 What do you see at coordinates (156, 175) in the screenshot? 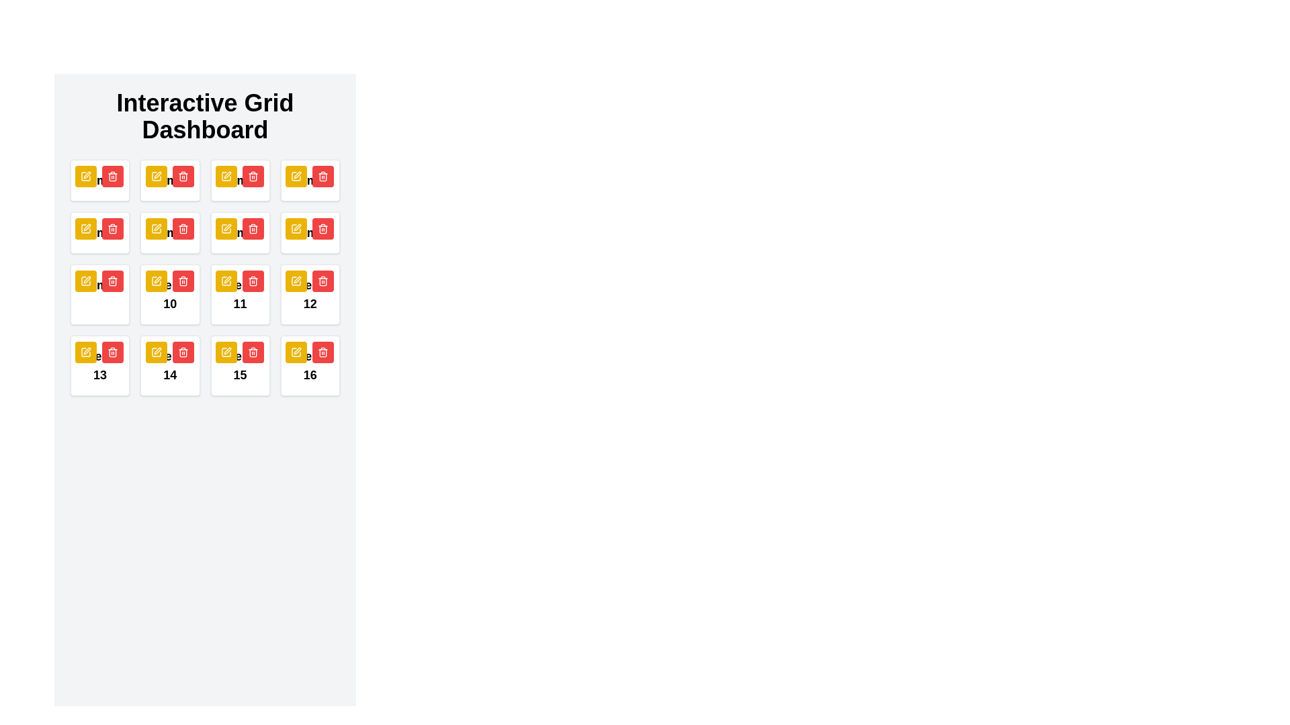
I see `the square icon with a stylized, partially erased bottom right corner located in the top-left corner of the interactive grid, within the first card of the interface` at bounding box center [156, 175].